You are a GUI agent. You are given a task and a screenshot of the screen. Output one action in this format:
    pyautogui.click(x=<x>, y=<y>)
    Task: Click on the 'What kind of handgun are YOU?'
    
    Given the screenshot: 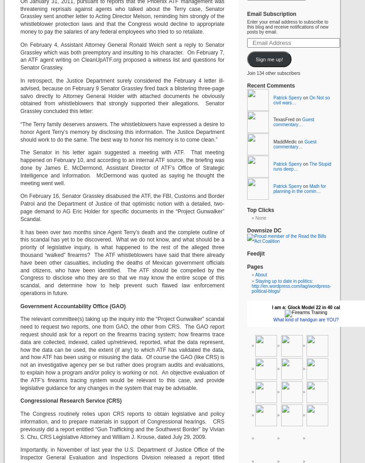 What is the action you would take?
    pyautogui.click(x=273, y=319)
    